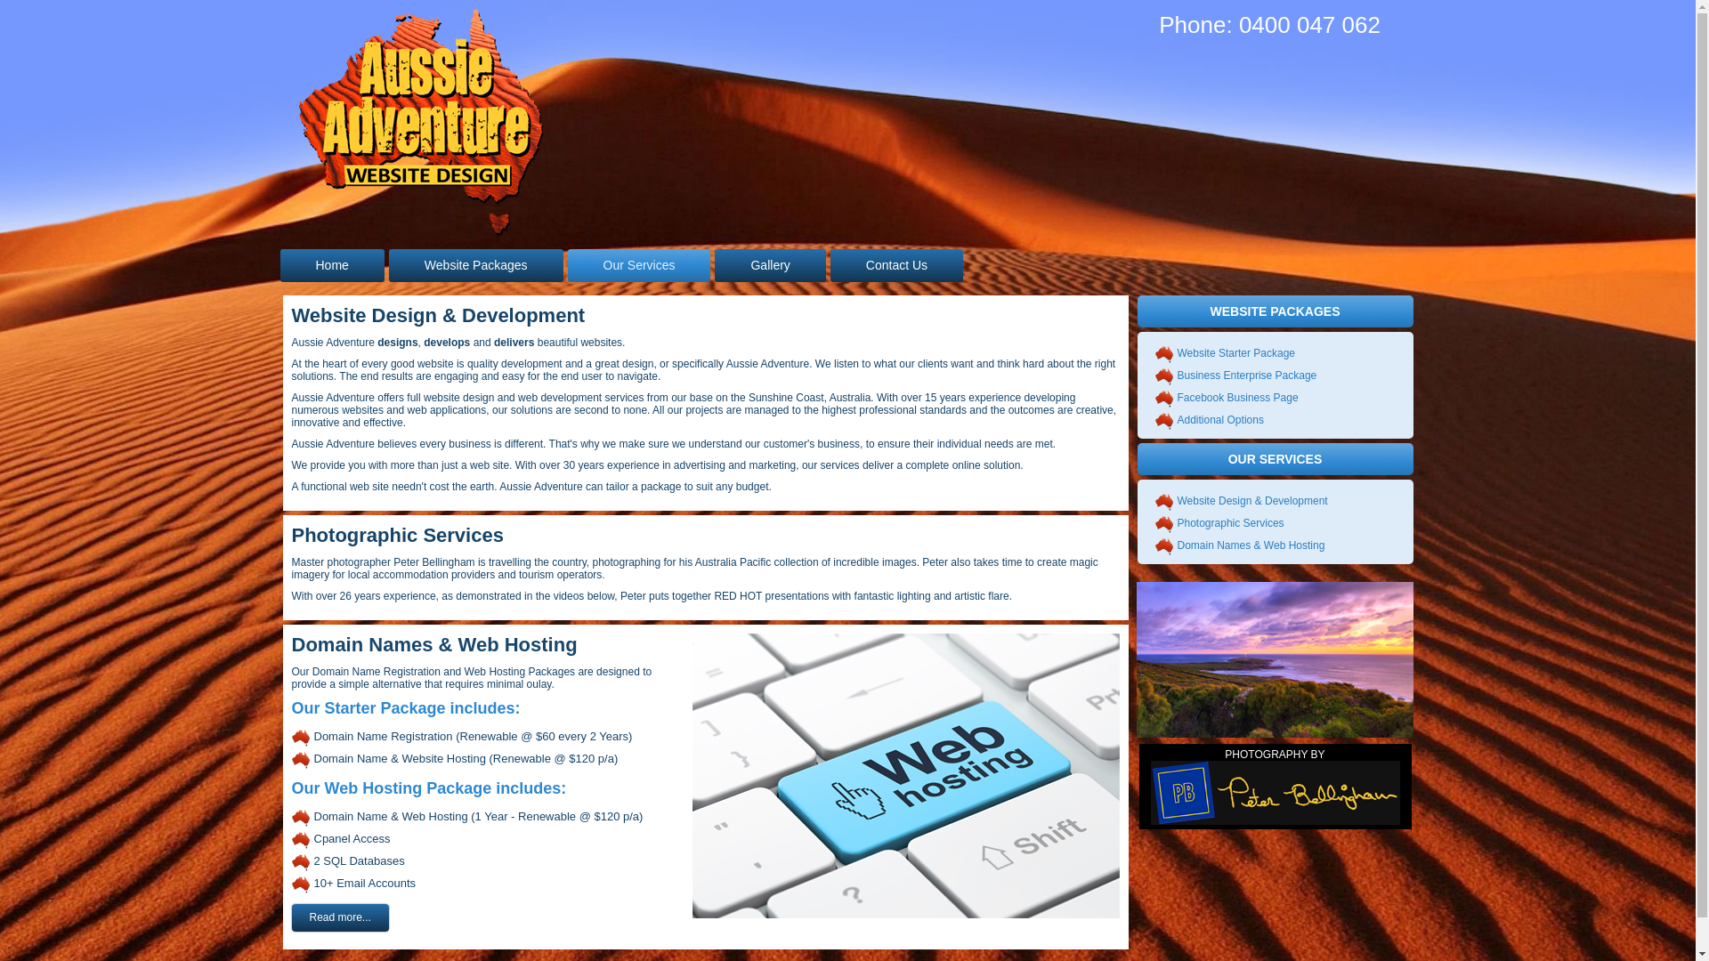  Describe the element at coordinates (1236, 397) in the screenshot. I see `'Facebook Business Page'` at that location.